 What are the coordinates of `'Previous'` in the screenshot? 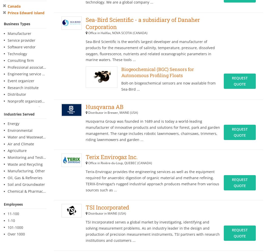 It's located at (119, 75).